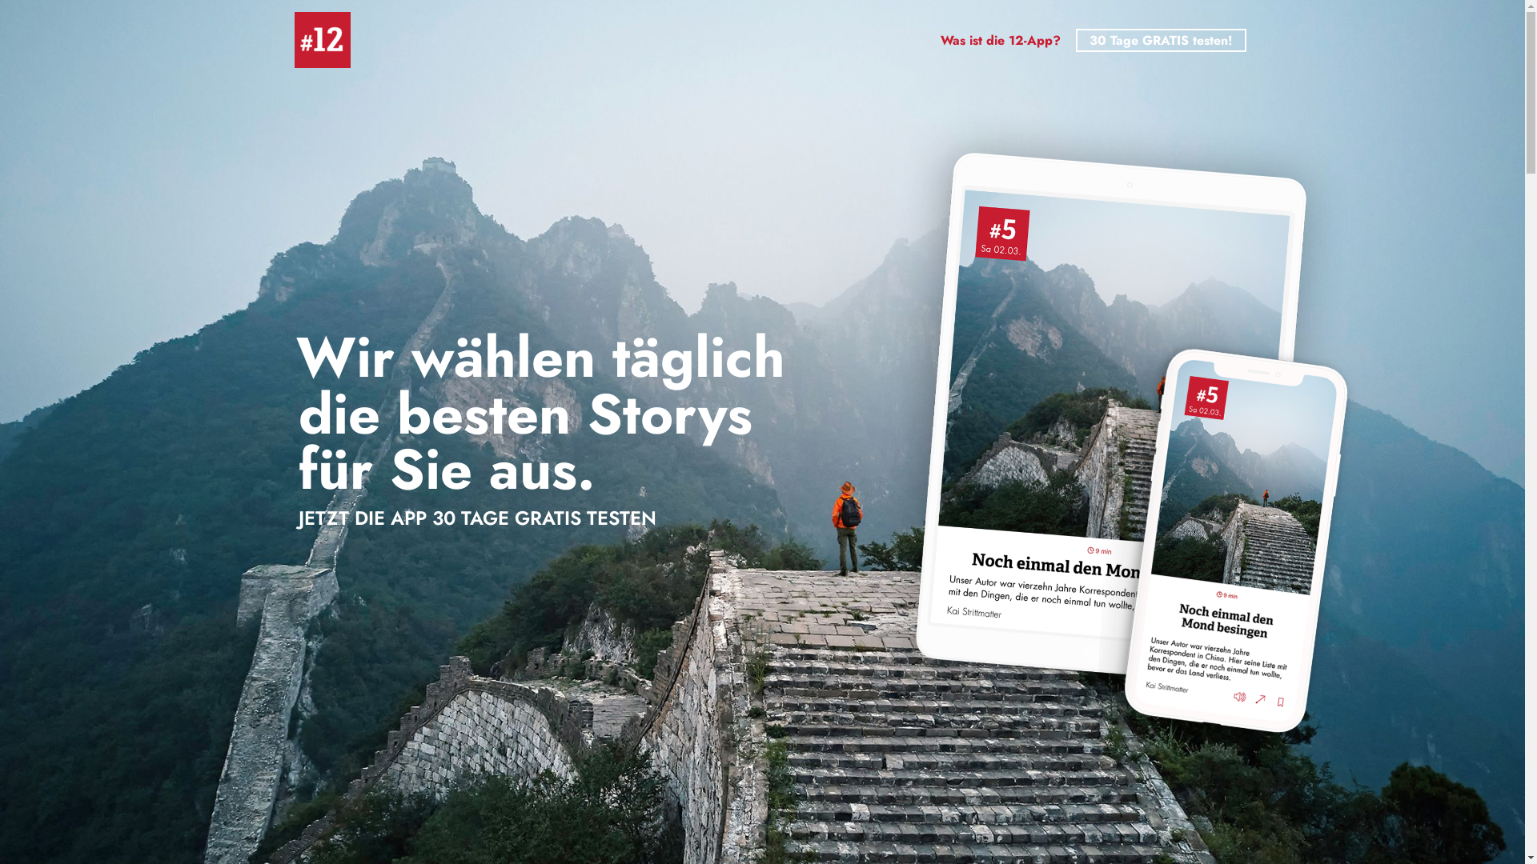  I want to click on 'Twitter', so click(1225, 823).